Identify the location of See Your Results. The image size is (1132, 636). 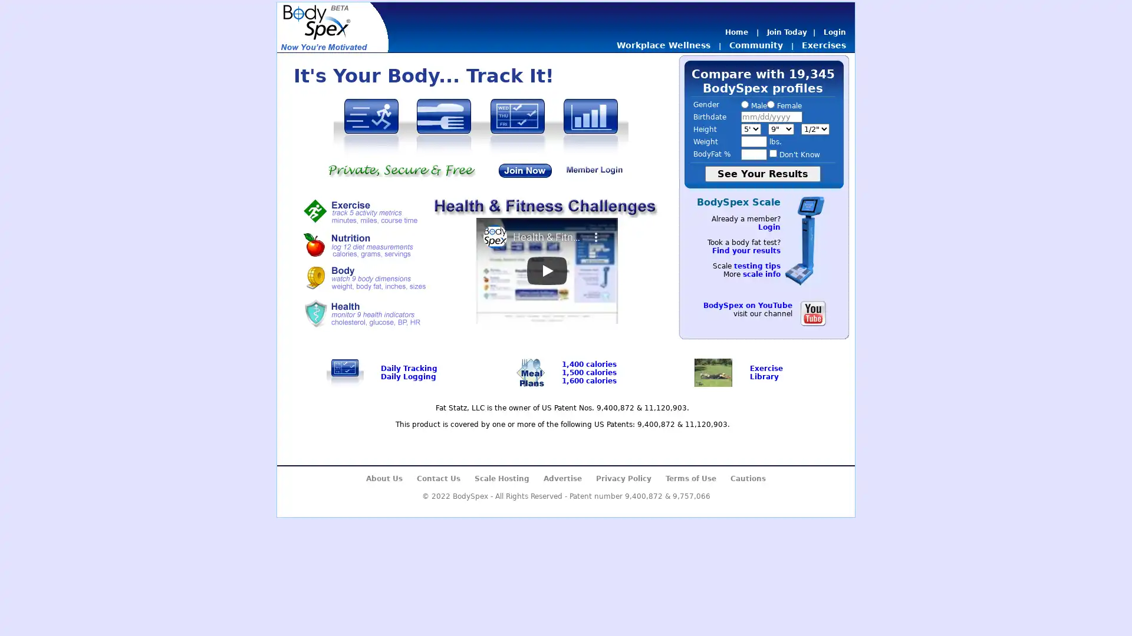
(762, 174).